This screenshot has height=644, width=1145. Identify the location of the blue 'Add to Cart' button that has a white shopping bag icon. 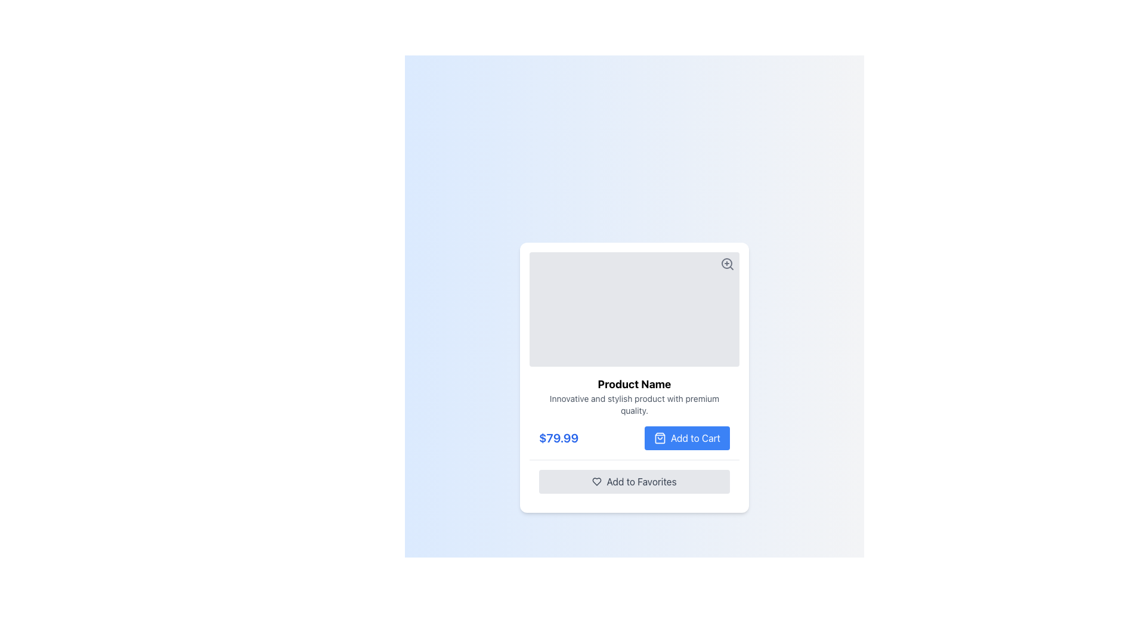
(687, 438).